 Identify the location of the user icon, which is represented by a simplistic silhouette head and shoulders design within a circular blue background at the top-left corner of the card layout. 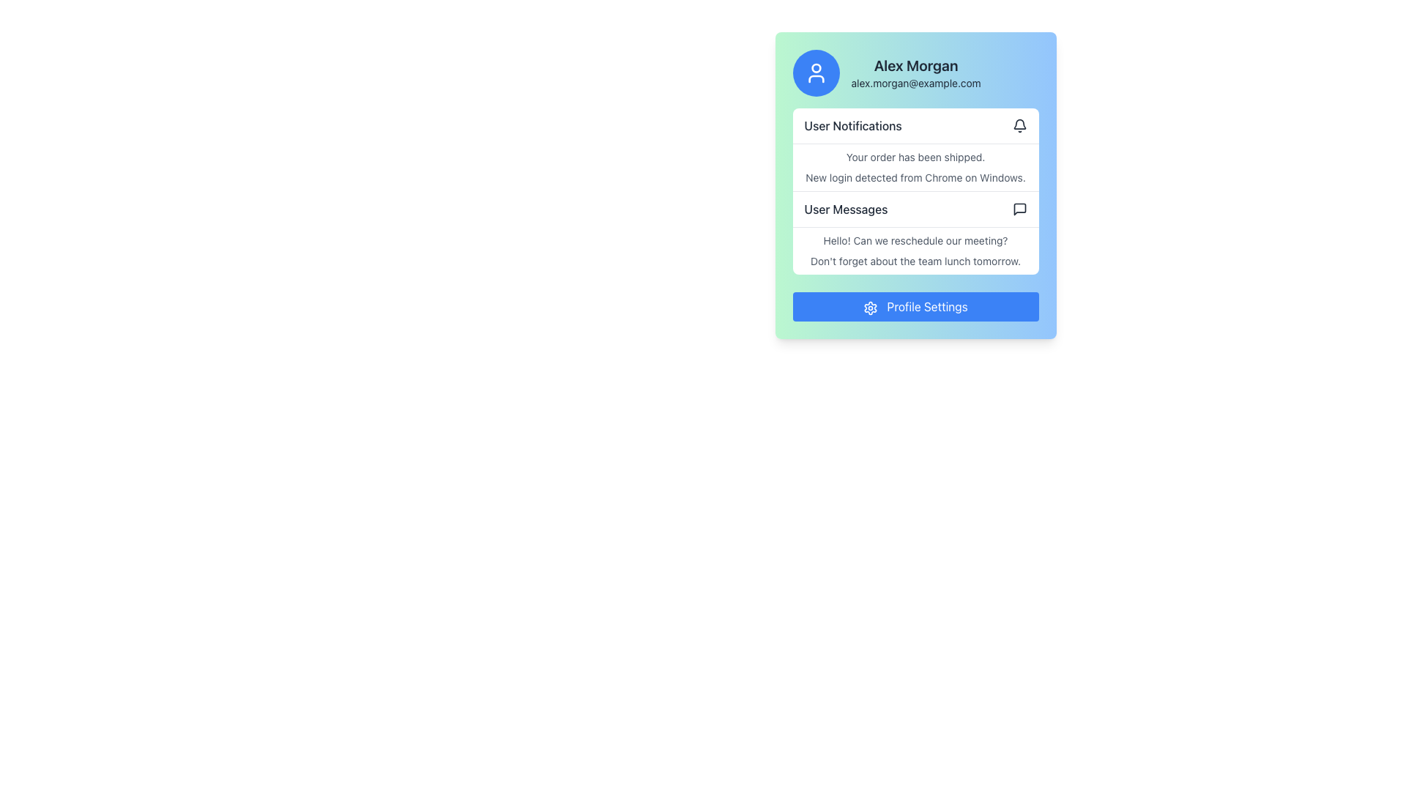
(815, 73).